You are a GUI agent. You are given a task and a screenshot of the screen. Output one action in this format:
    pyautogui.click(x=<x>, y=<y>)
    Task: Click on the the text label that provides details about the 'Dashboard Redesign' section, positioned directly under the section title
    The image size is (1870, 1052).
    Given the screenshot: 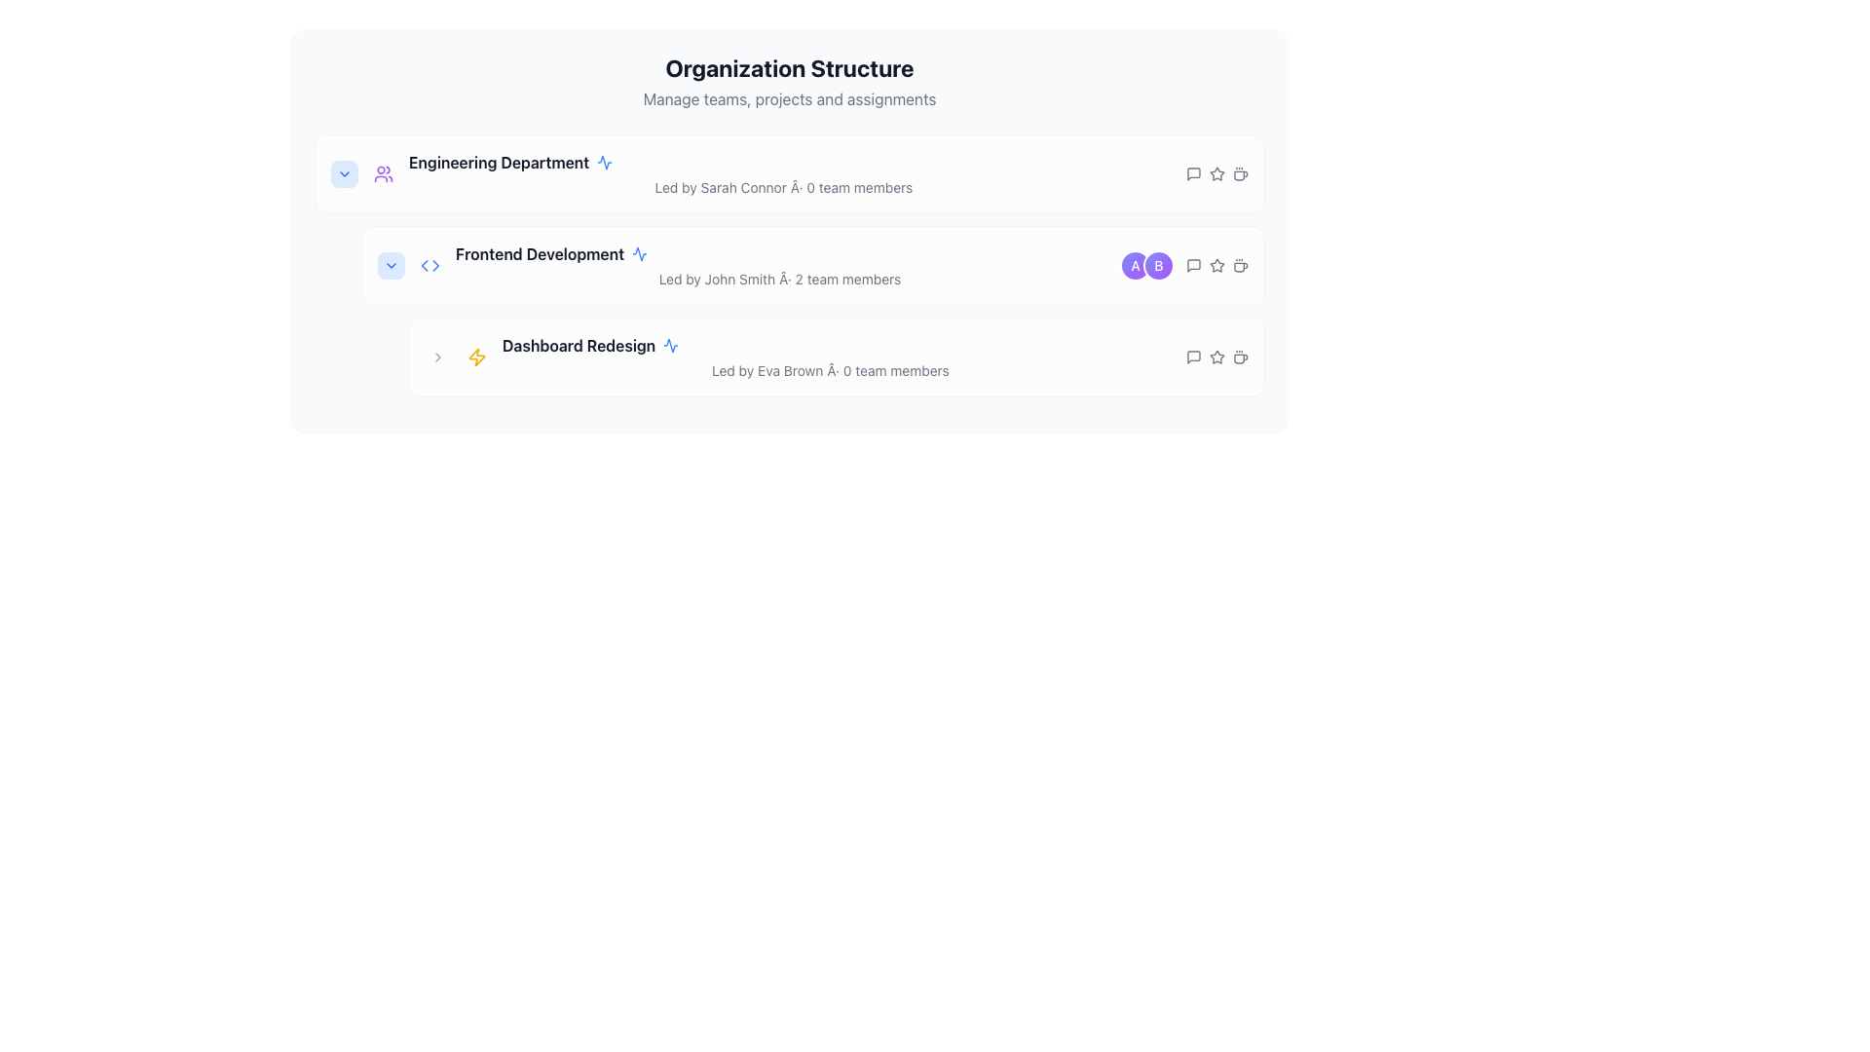 What is the action you would take?
    pyautogui.click(x=831, y=371)
    